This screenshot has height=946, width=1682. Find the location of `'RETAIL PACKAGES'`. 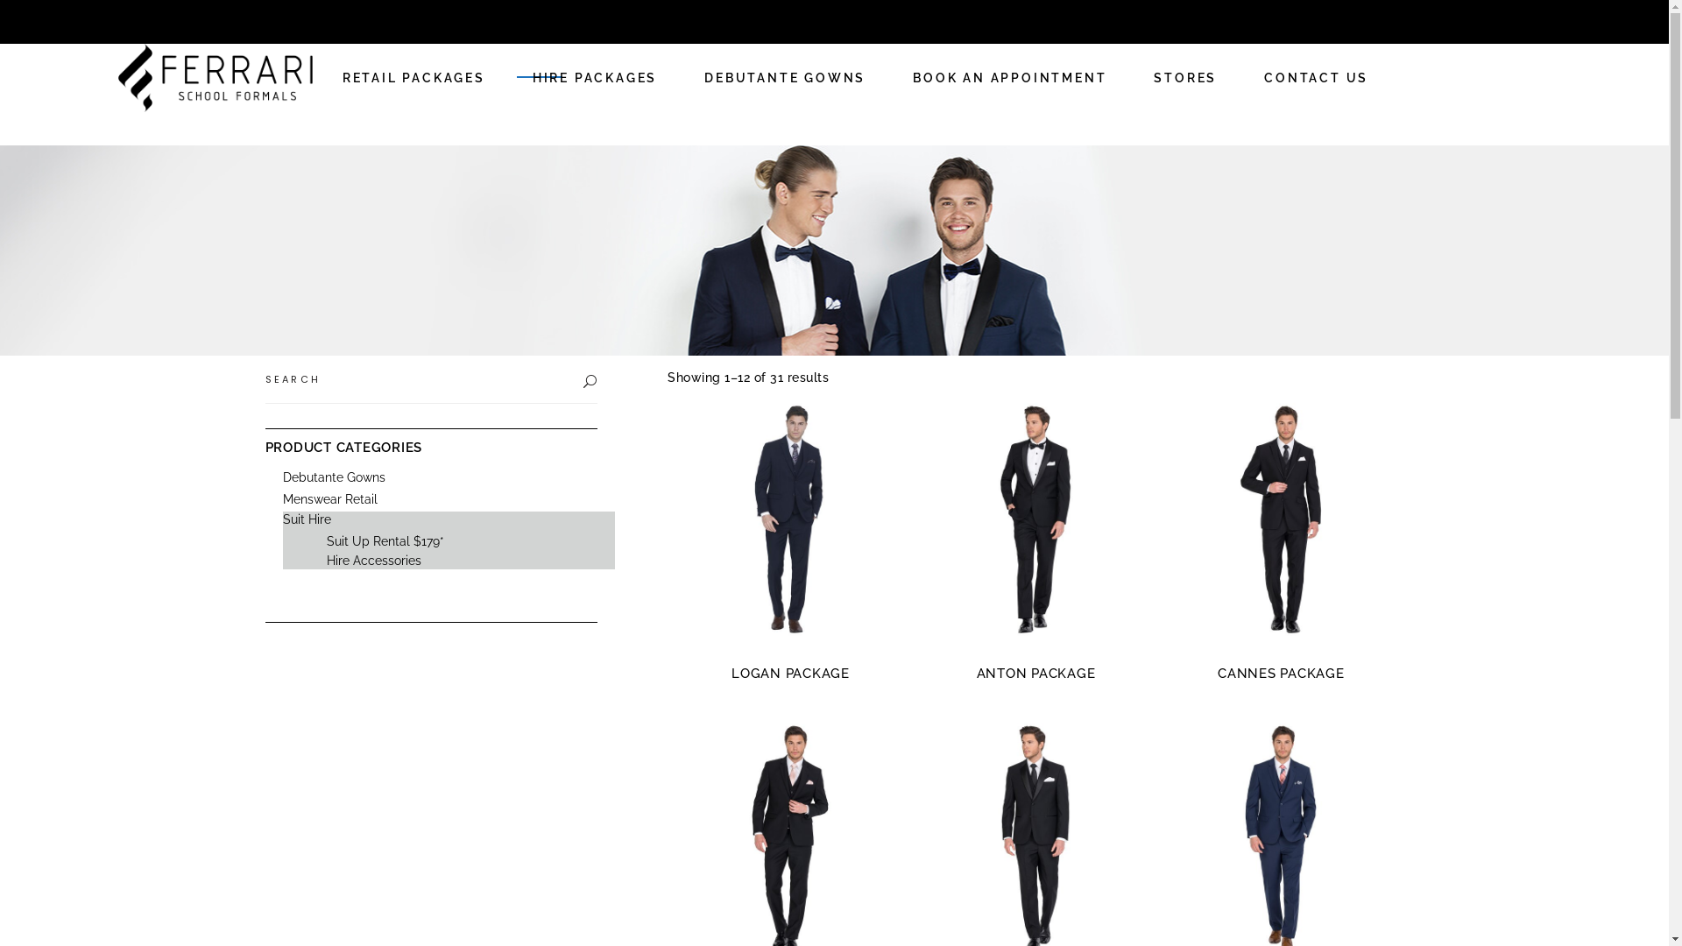

'RETAIL PACKAGES' is located at coordinates (413, 76).